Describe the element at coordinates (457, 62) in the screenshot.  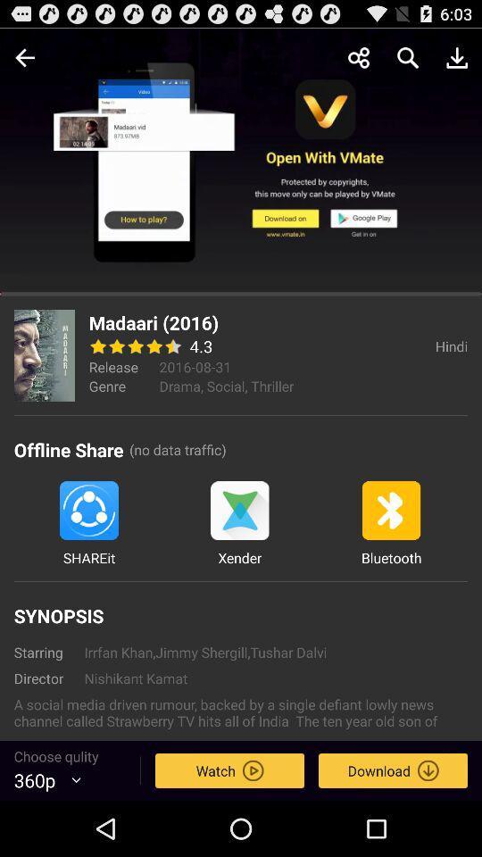
I see `the file_download icon` at that location.